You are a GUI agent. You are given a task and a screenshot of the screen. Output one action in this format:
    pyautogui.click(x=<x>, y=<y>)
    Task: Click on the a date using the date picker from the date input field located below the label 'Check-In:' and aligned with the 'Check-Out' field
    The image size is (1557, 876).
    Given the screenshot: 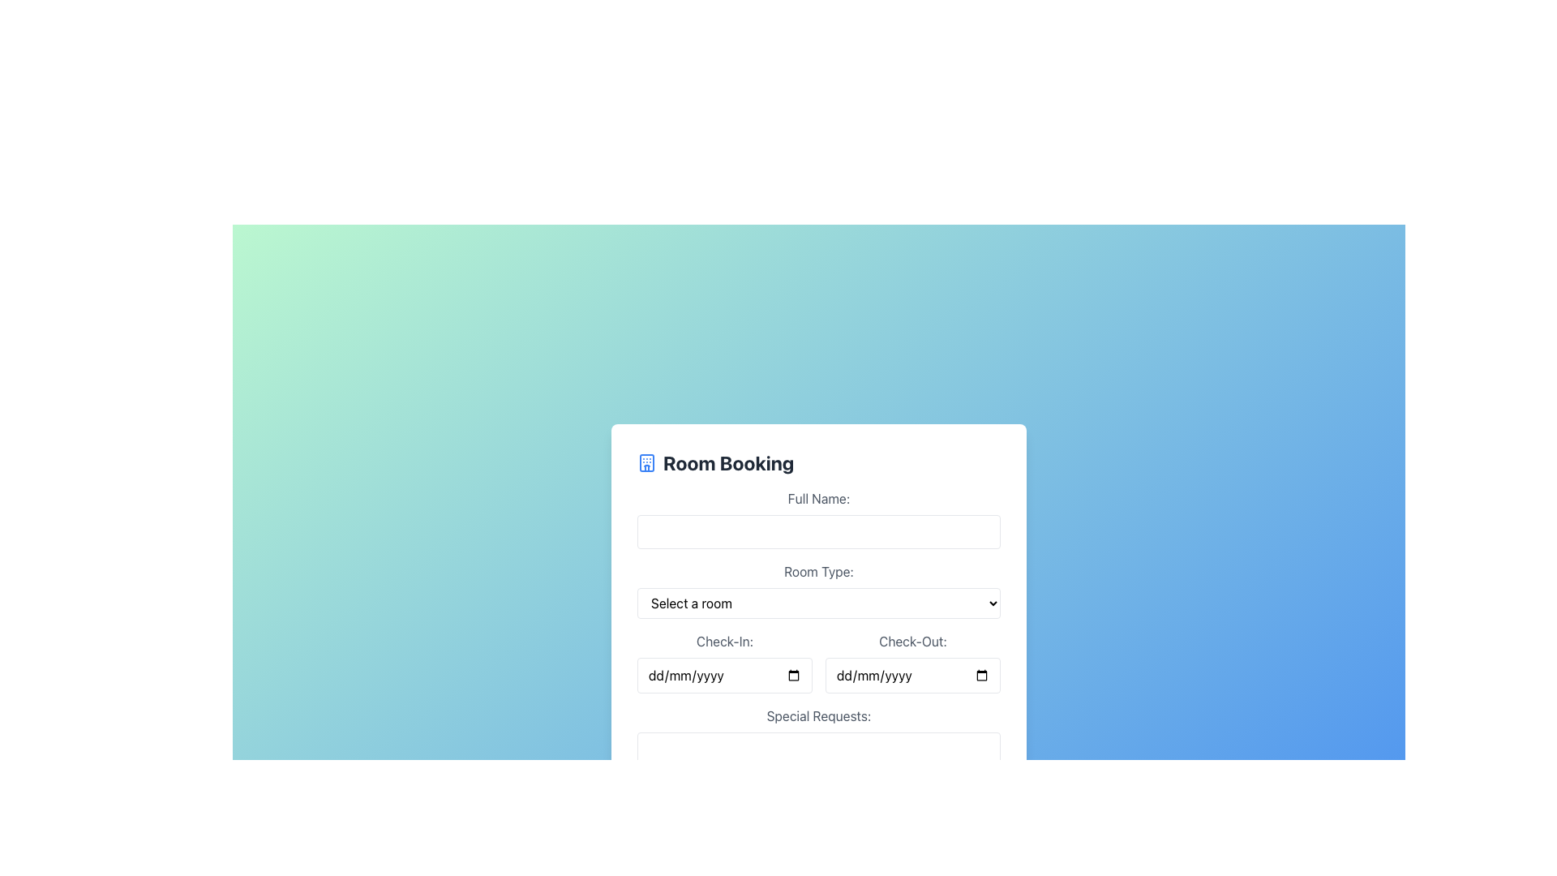 What is the action you would take?
    pyautogui.click(x=723, y=676)
    